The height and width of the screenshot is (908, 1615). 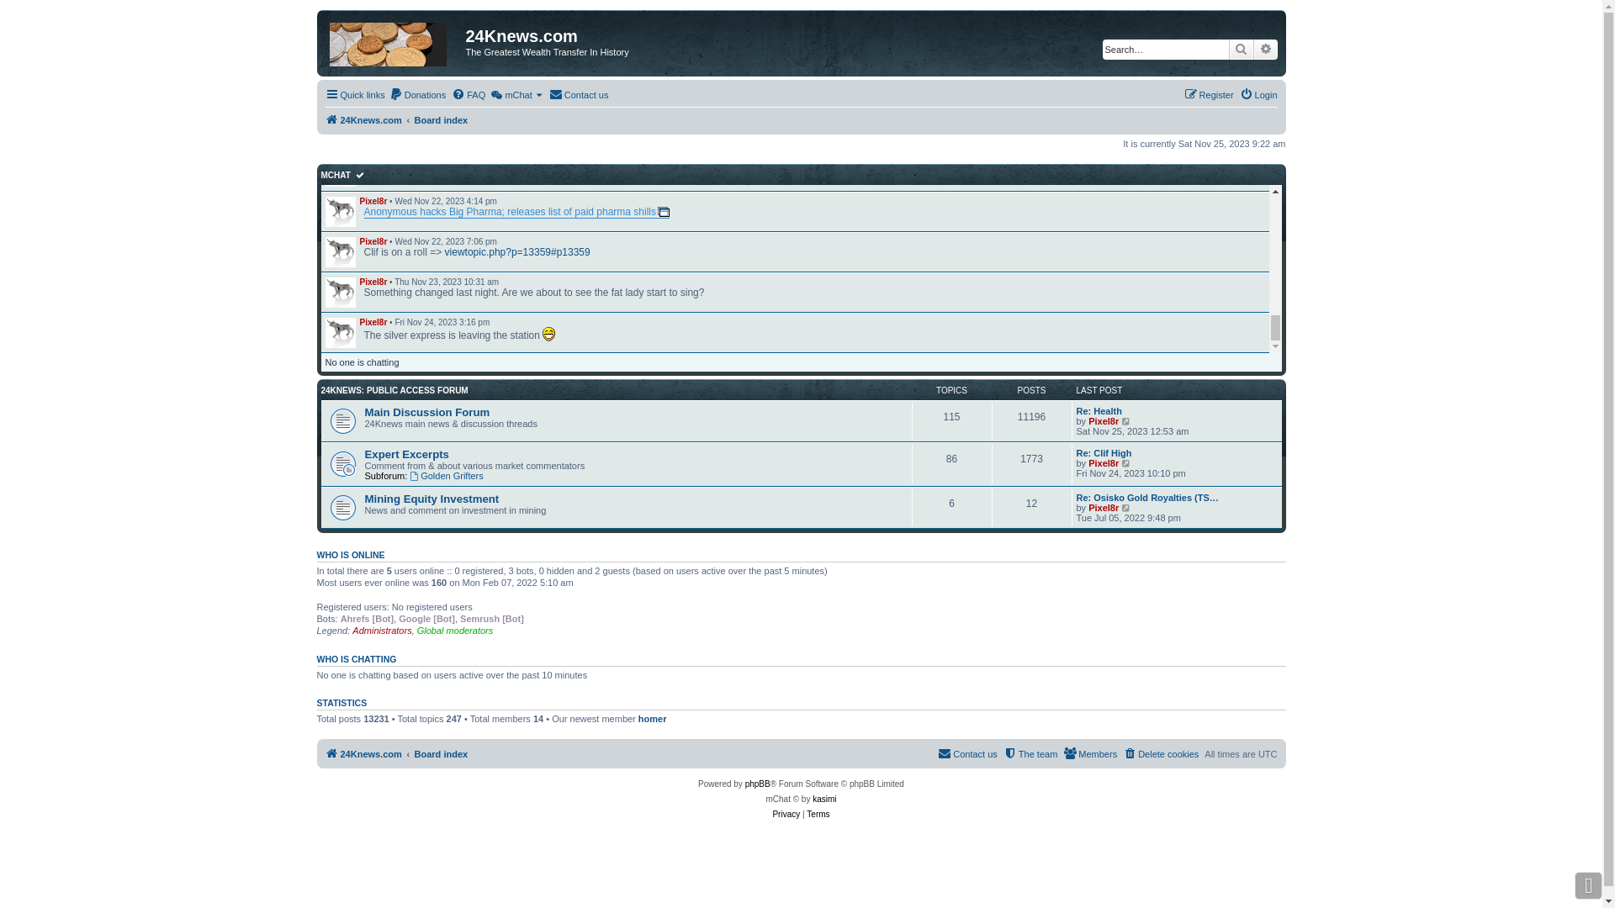 I want to click on 'Search for keywords', so click(x=1164, y=48).